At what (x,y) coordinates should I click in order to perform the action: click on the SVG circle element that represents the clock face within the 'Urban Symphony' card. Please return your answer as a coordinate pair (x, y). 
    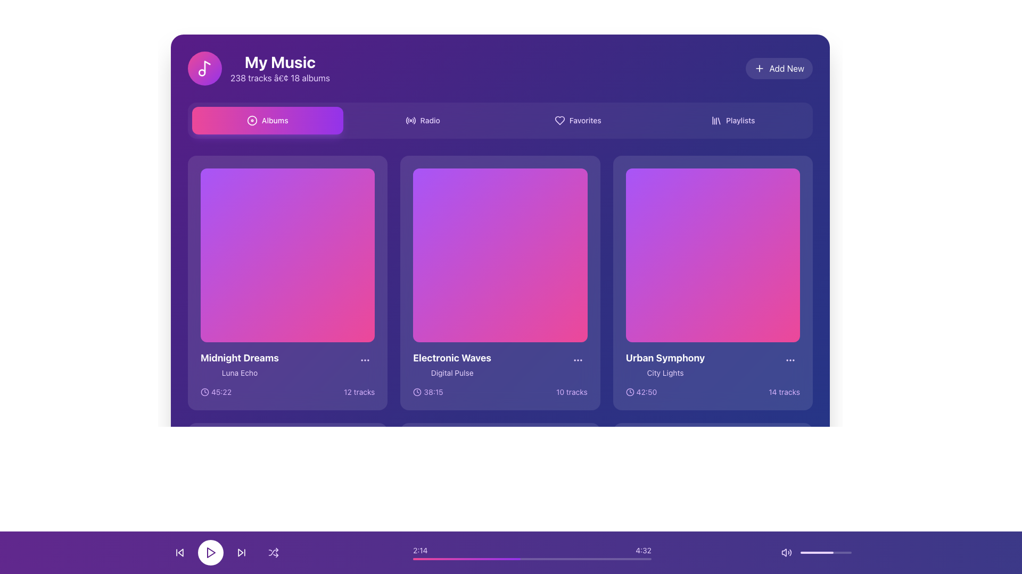
    Looking at the image, I should click on (630, 392).